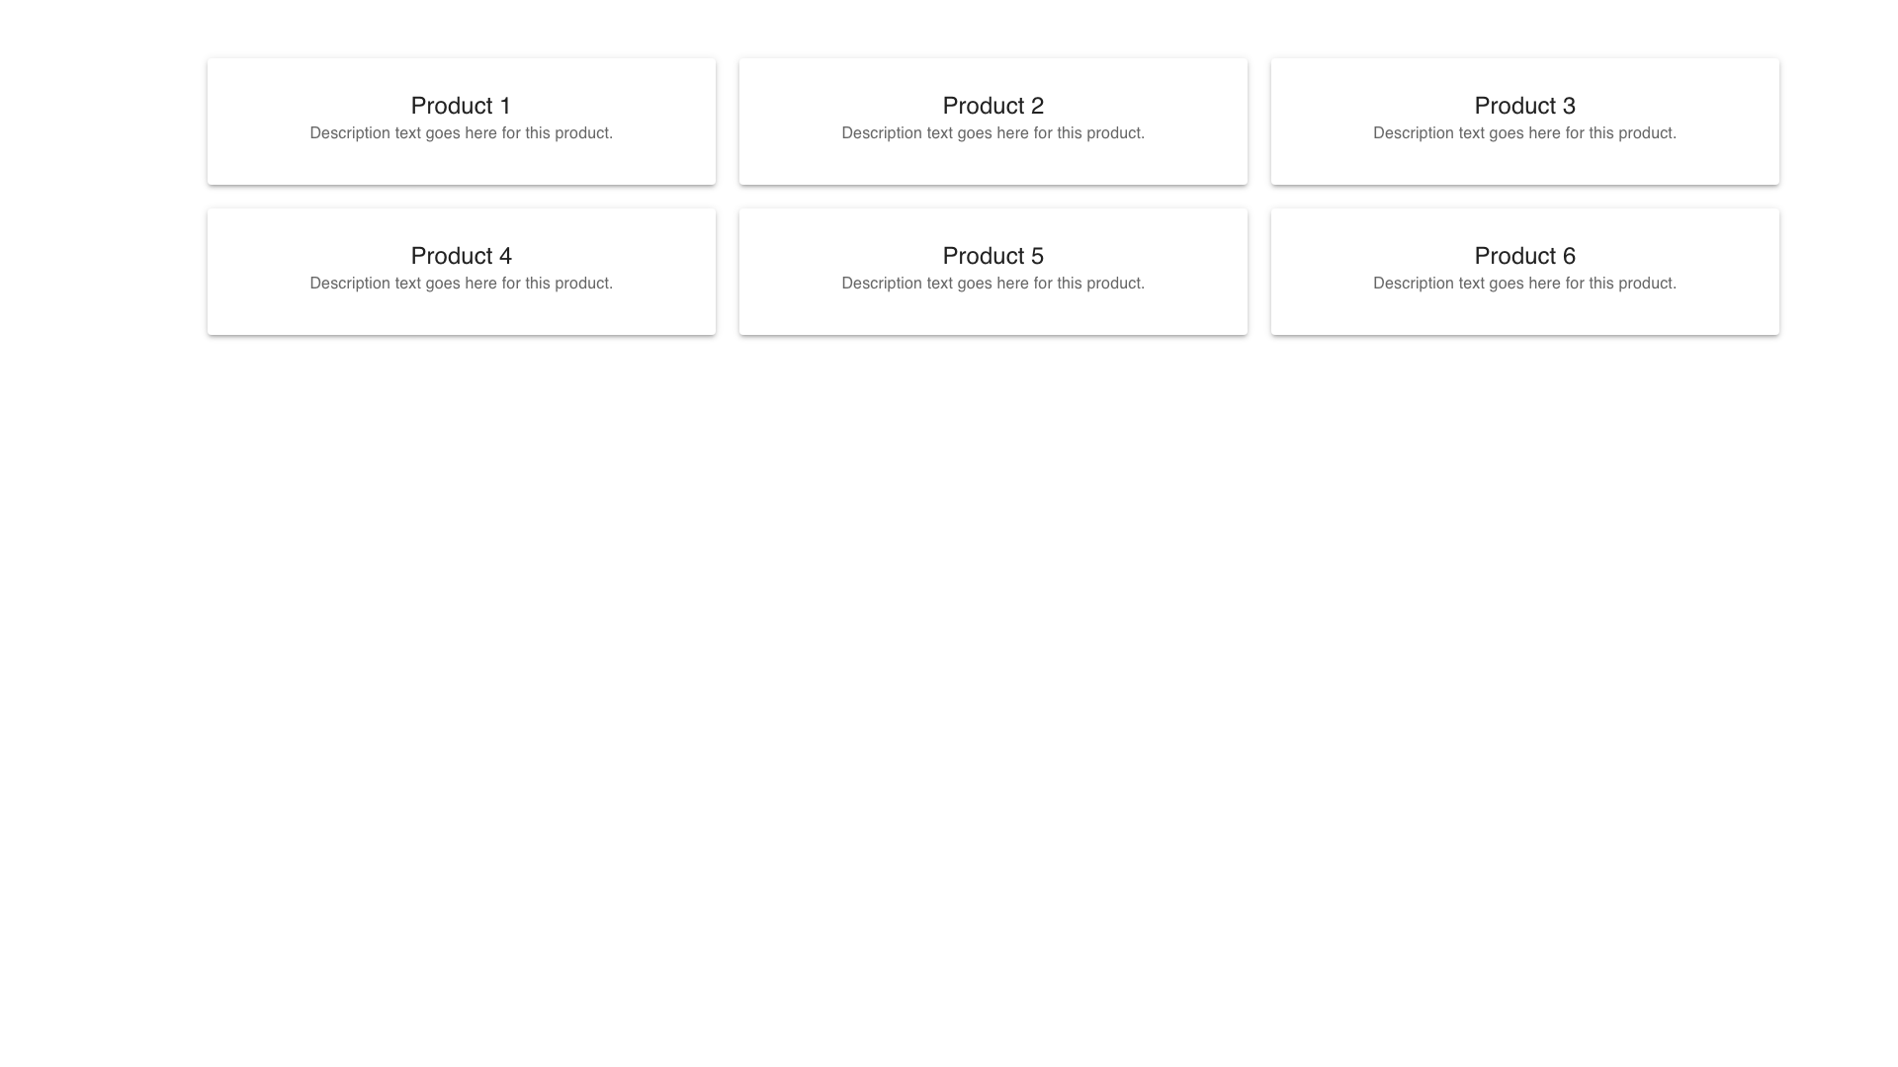 This screenshot has width=1898, height=1067. What do you see at coordinates (992, 254) in the screenshot?
I see `the bold text label reading 'Product 5'` at bounding box center [992, 254].